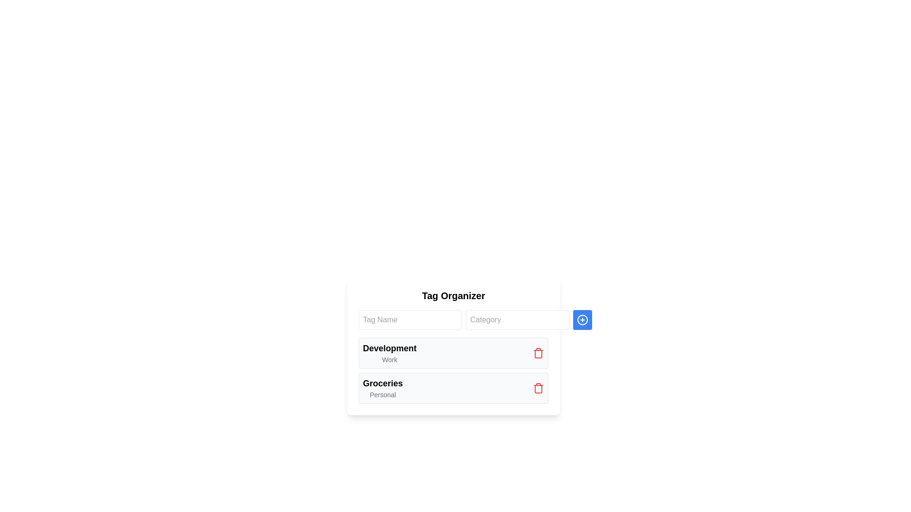 The width and height of the screenshot is (911, 512). I want to click on the text label that serves as a title for a listed item, positioned above the 'Groceries' item, to engage with related components, so click(390, 353).